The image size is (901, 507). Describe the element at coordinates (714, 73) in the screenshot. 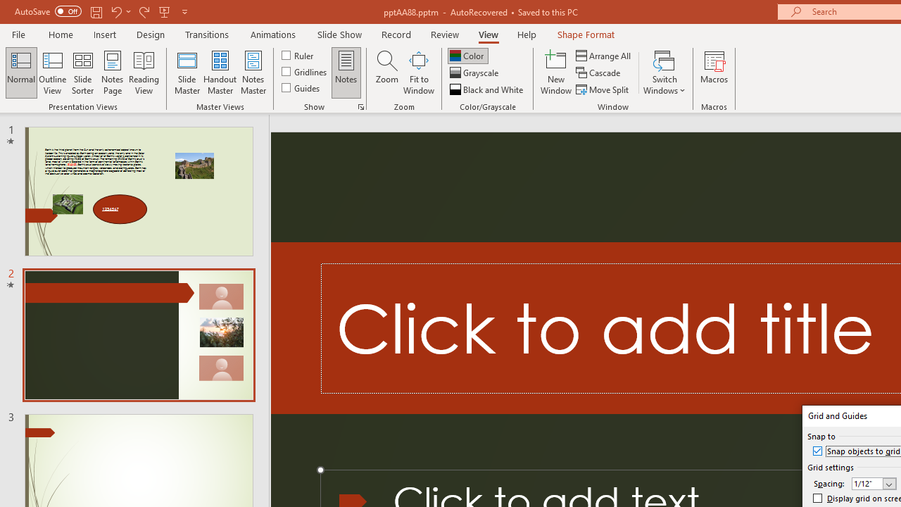

I see `'Macros'` at that location.